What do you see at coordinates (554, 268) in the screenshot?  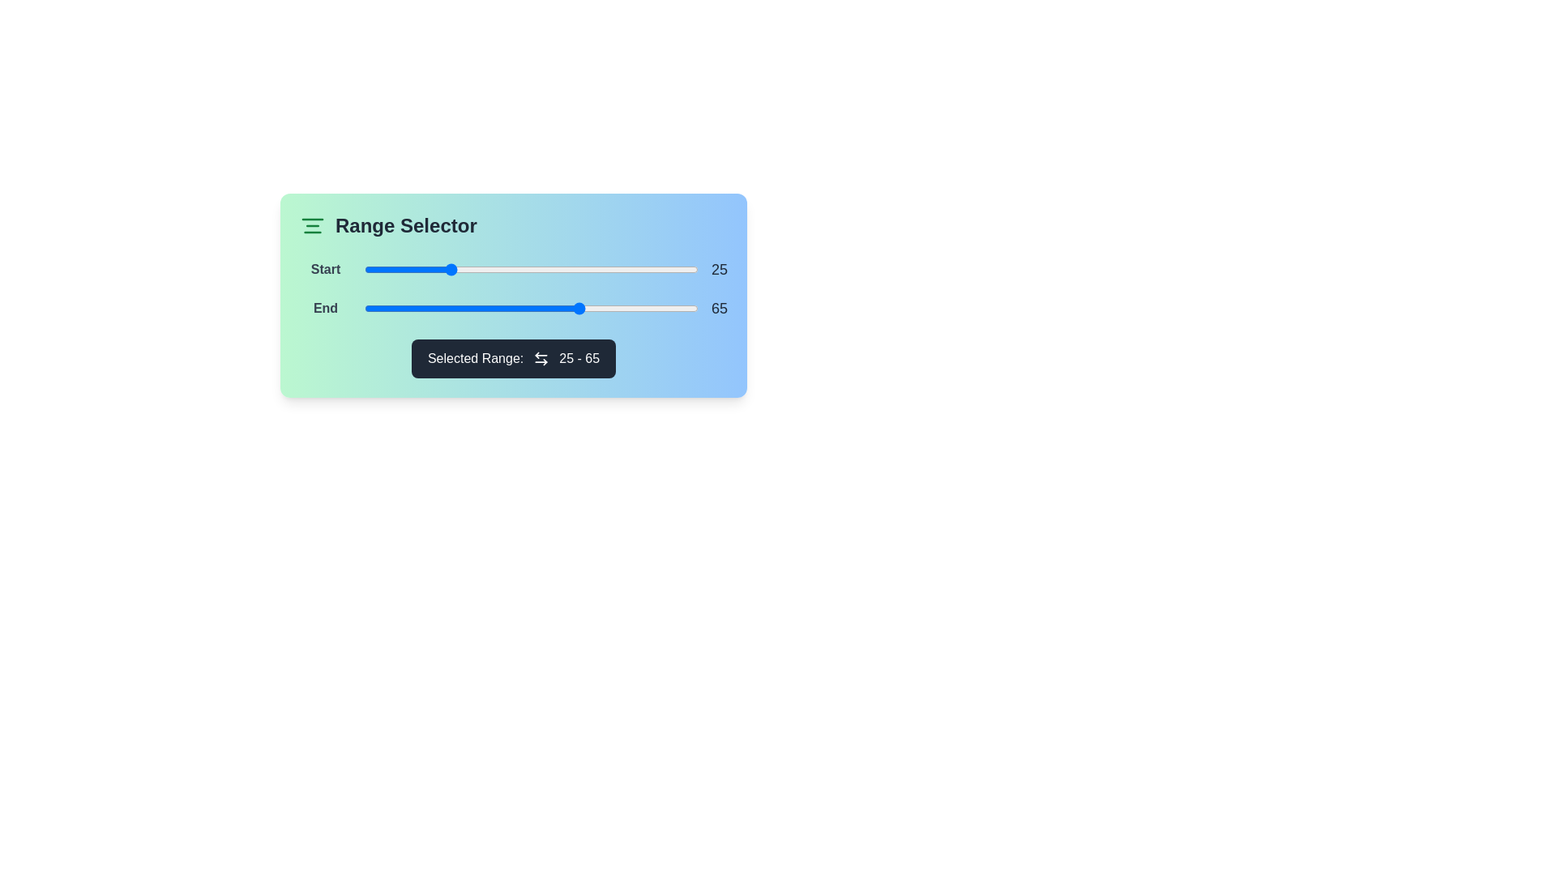 I see `the slider to set the value to 57` at bounding box center [554, 268].